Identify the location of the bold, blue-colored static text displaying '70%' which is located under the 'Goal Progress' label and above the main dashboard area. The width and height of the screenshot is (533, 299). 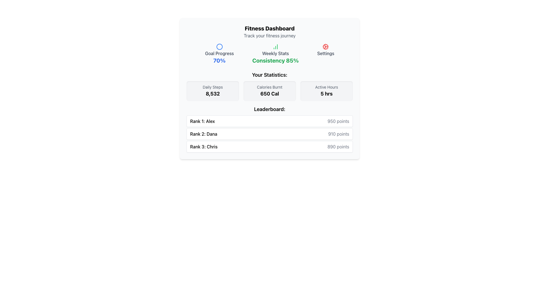
(219, 61).